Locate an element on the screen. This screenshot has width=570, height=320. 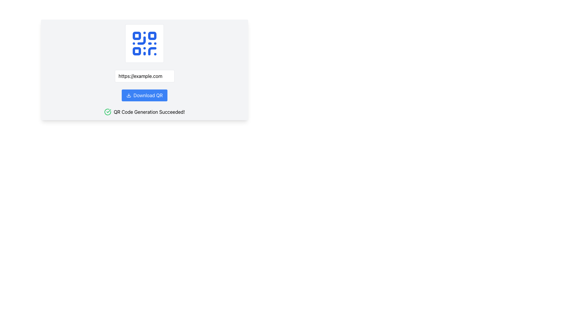
success message displayed in bold text that says 'QR Code Generation Succeeded!' located centrally in the lower part of the user interface, beneath the 'Download QR' button is located at coordinates (149, 112).